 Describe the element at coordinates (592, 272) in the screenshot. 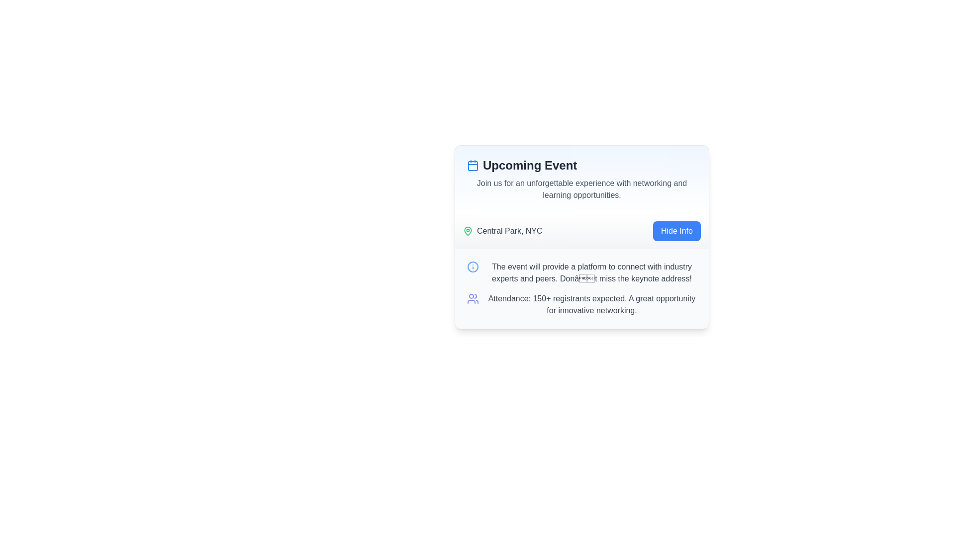

I see `text block that contains the message 'The event will provide a platform to connect with industry experts and peers. Don’t miss the keynote address!' which is styled in gray and positioned beneath the blue info icon` at that location.